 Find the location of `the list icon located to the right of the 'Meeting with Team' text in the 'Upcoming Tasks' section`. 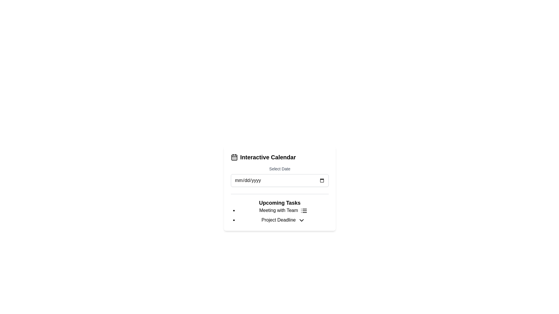

the list icon located to the right of the 'Meeting with Team' text in the 'Upcoming Tasks' section is located at coordinates (303, 210).